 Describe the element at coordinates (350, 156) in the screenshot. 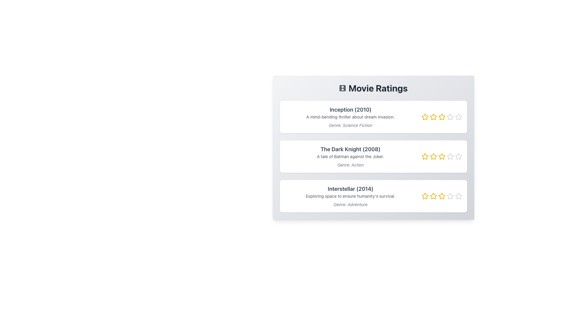

I see `information displayed in the content block for the movie 'The Dark Knight (2008)', which includes its title, description, and genre, located in the middle of a vertically stacked list of movie cards` at that location.